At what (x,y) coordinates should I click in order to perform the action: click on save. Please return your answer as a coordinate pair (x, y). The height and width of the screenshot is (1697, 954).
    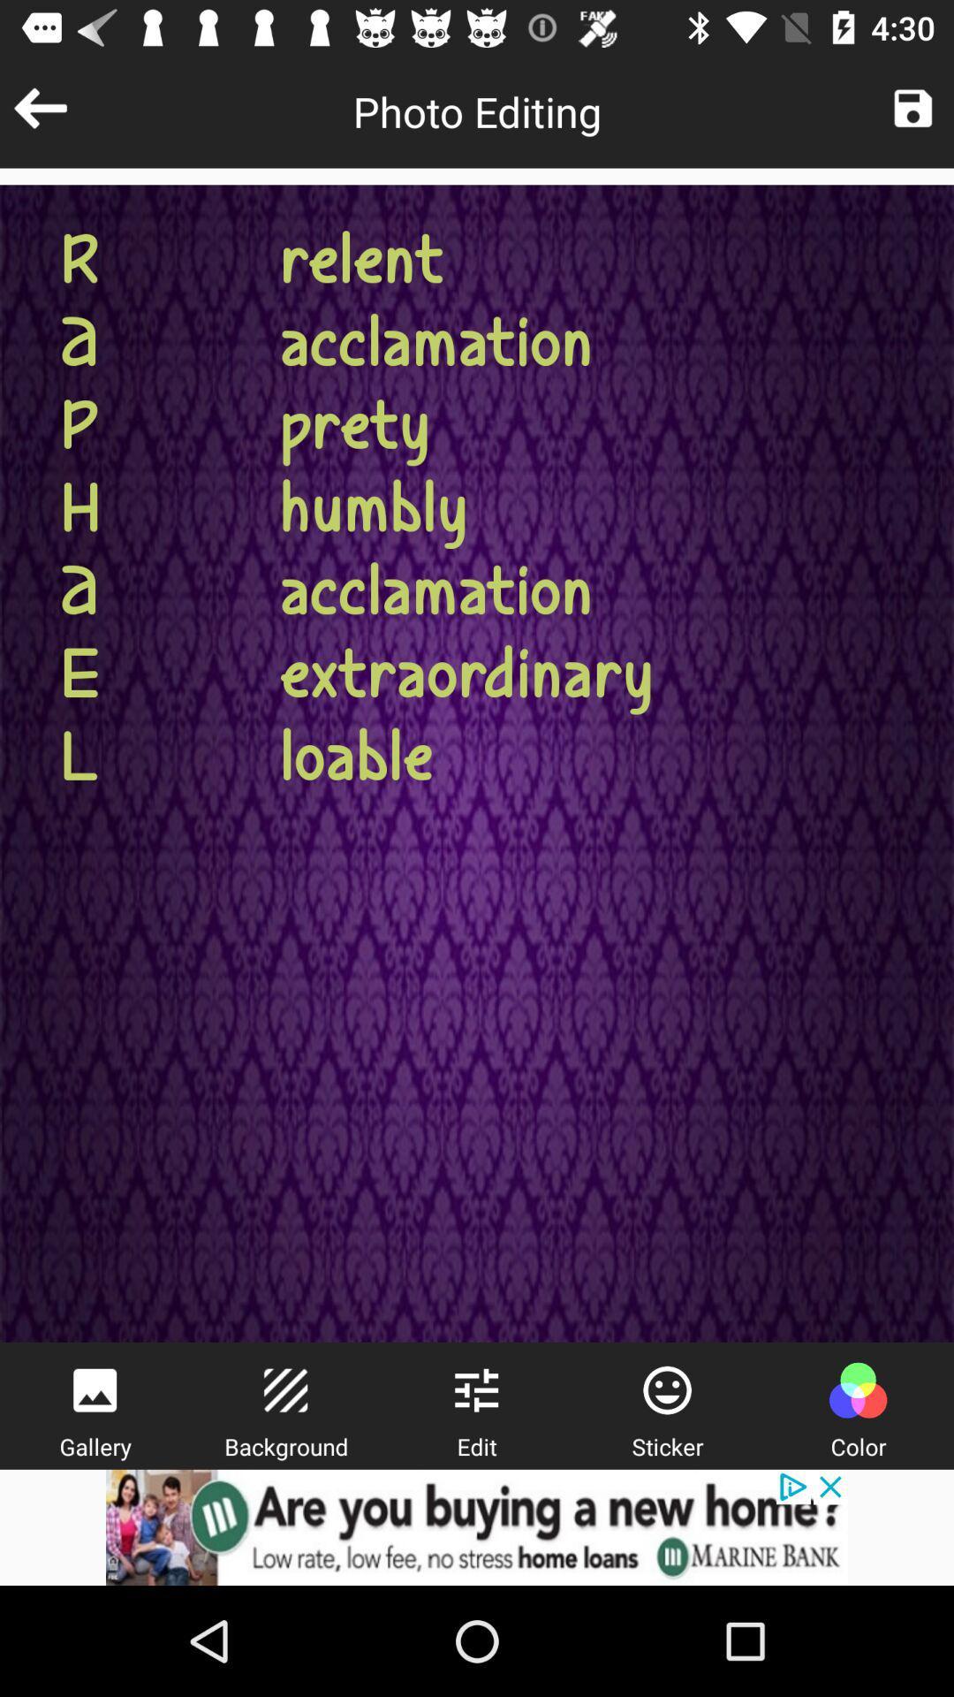
    Looking at the image, I should click on (912, 107).